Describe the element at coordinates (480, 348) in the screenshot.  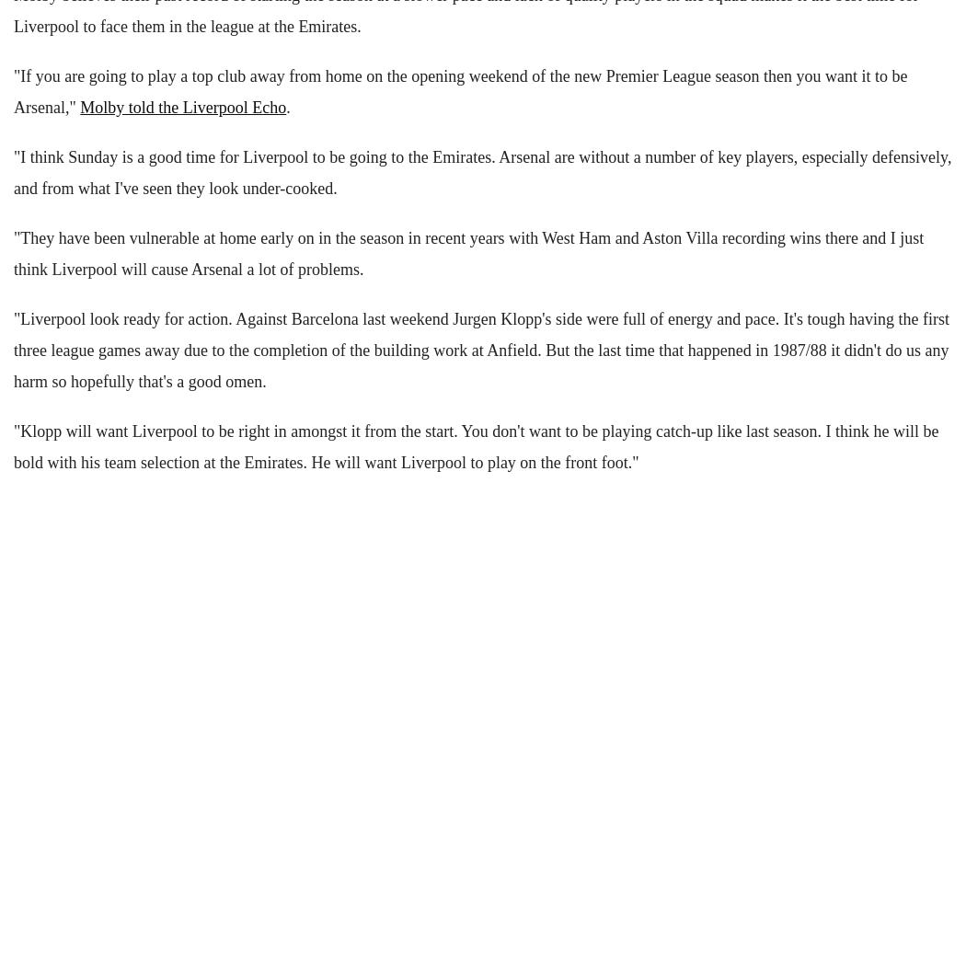
I see `'"Liverpool look ready for action. Against Barcelona last weekend Jurgen Klopp's side were full of energy and pace. It's tough having the first three league games away due to the completion of the building work at Anfield. But the last time that happened in 1987/88 it didn't do us any harm so hopefully that's a good omen.'` at that location.